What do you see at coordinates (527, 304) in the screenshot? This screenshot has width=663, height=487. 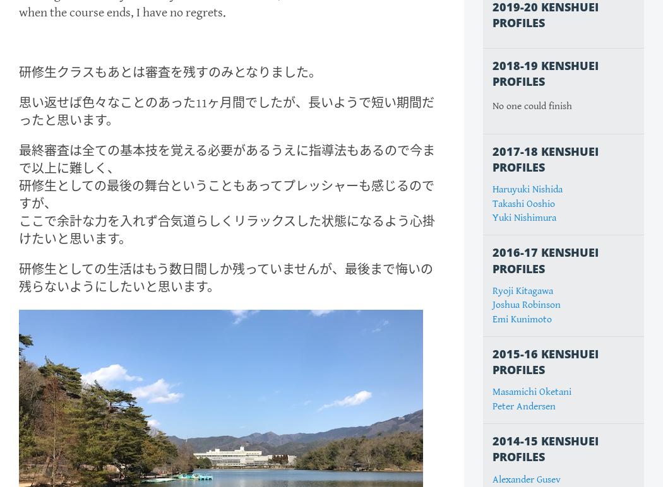 I see `'Joshua Robinson'` at bounding box center [527, 304].